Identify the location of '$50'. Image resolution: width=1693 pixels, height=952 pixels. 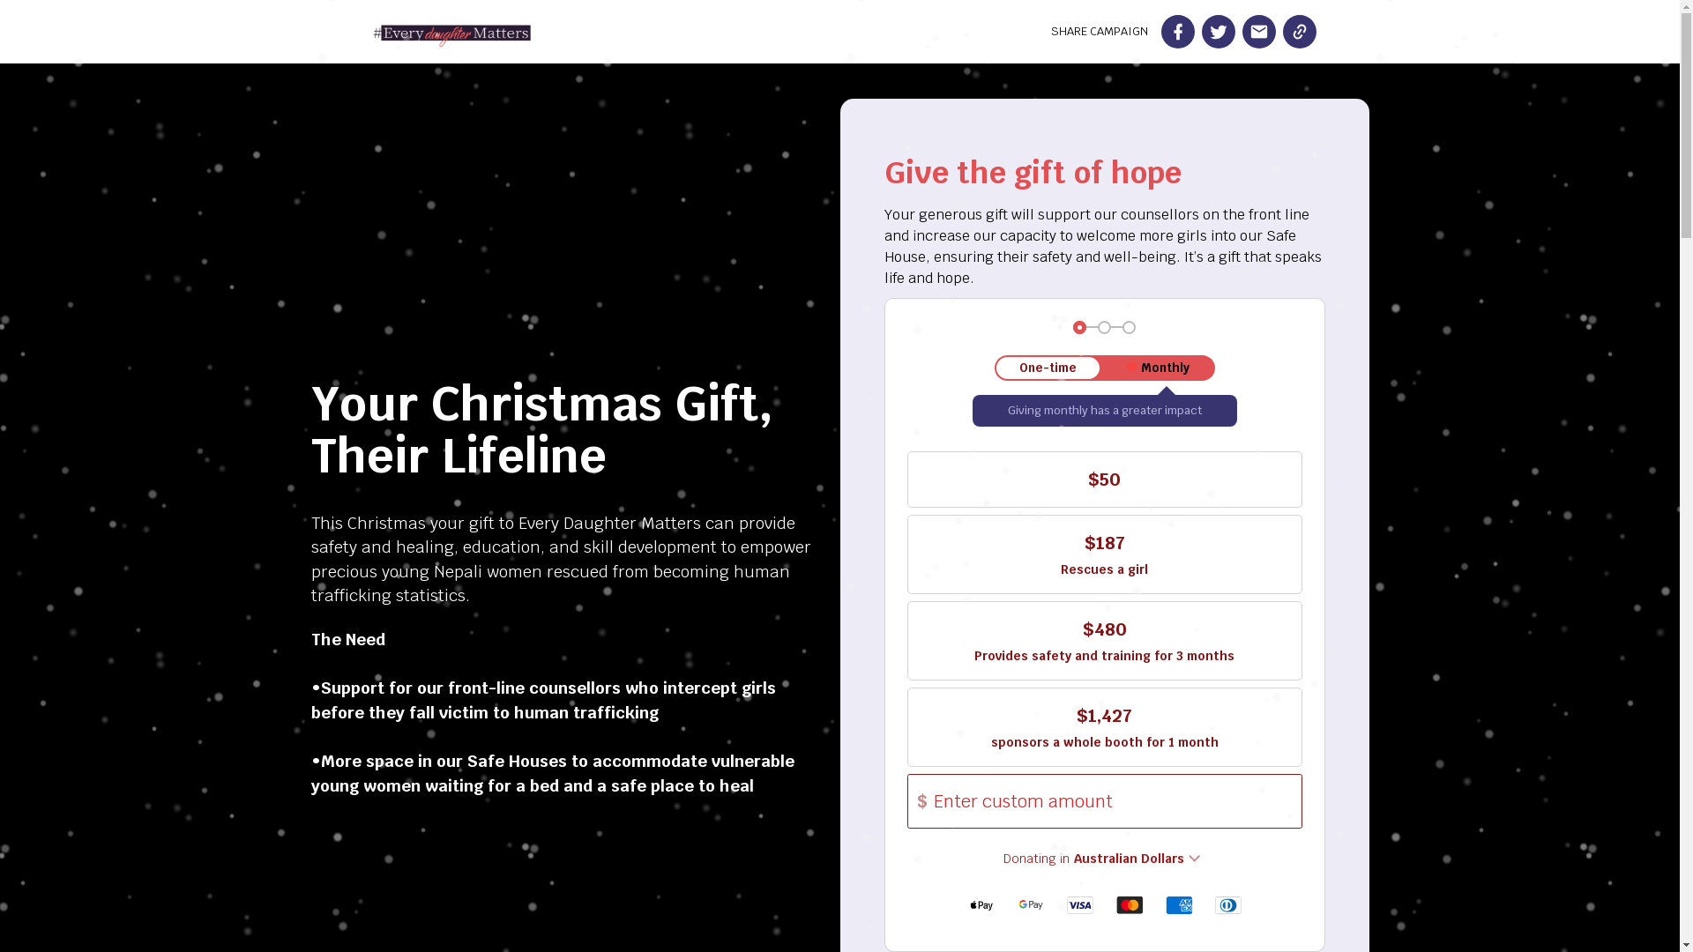
(1103, 479).